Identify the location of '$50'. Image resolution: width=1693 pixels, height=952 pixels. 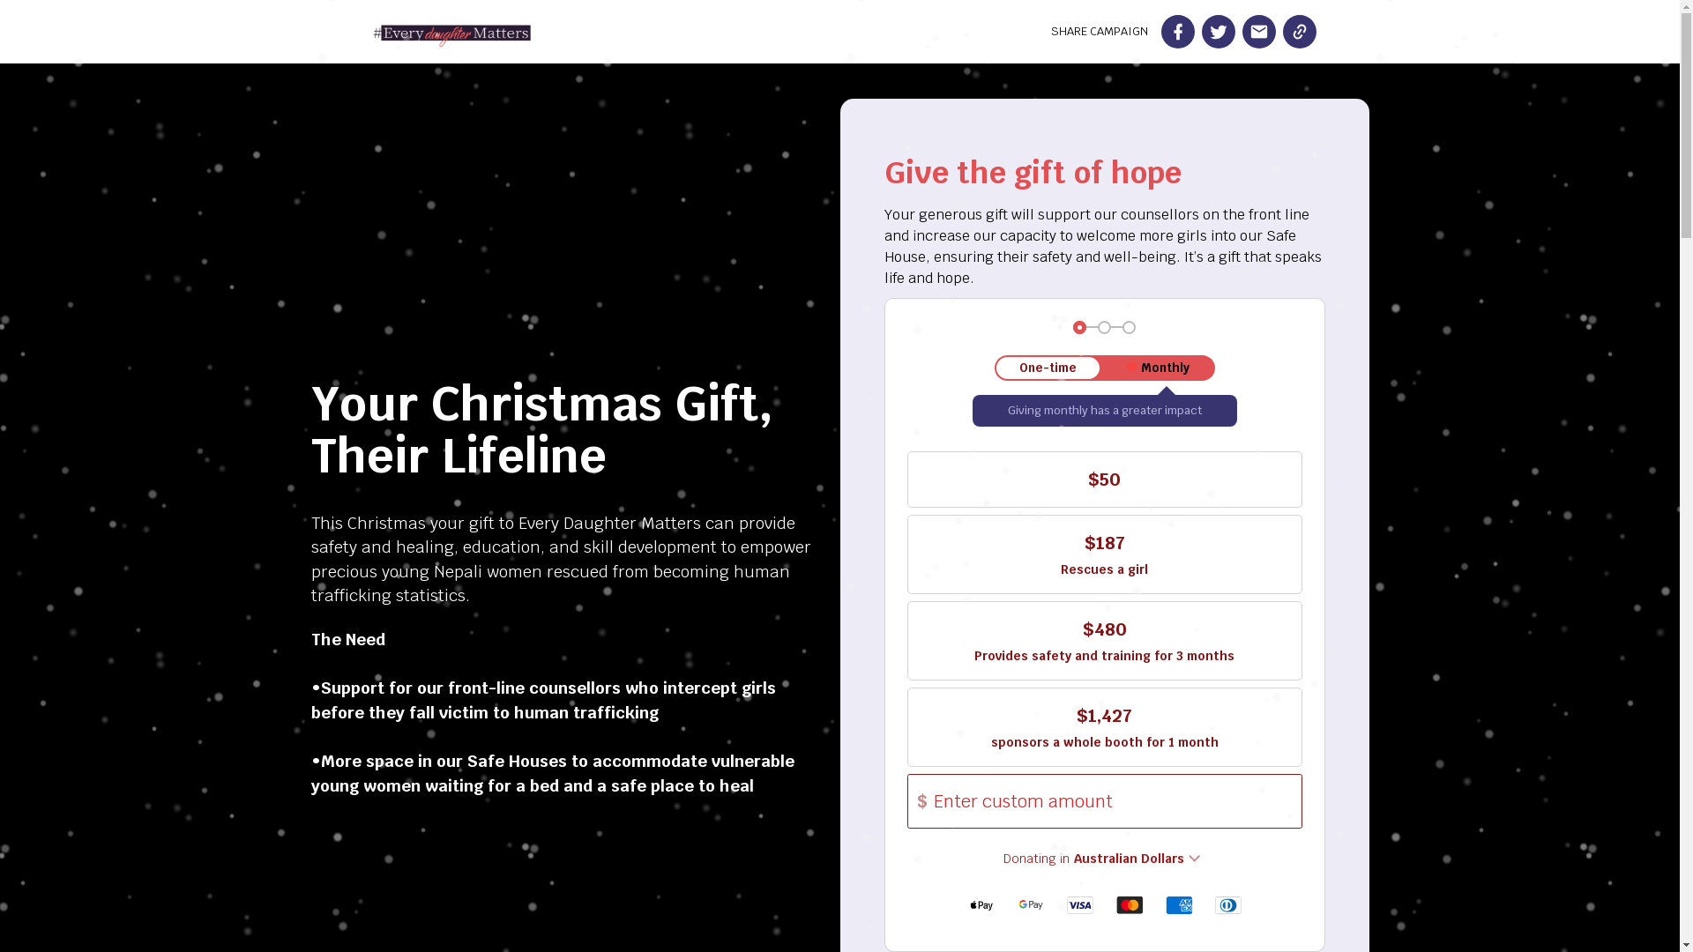
(1103, 479).